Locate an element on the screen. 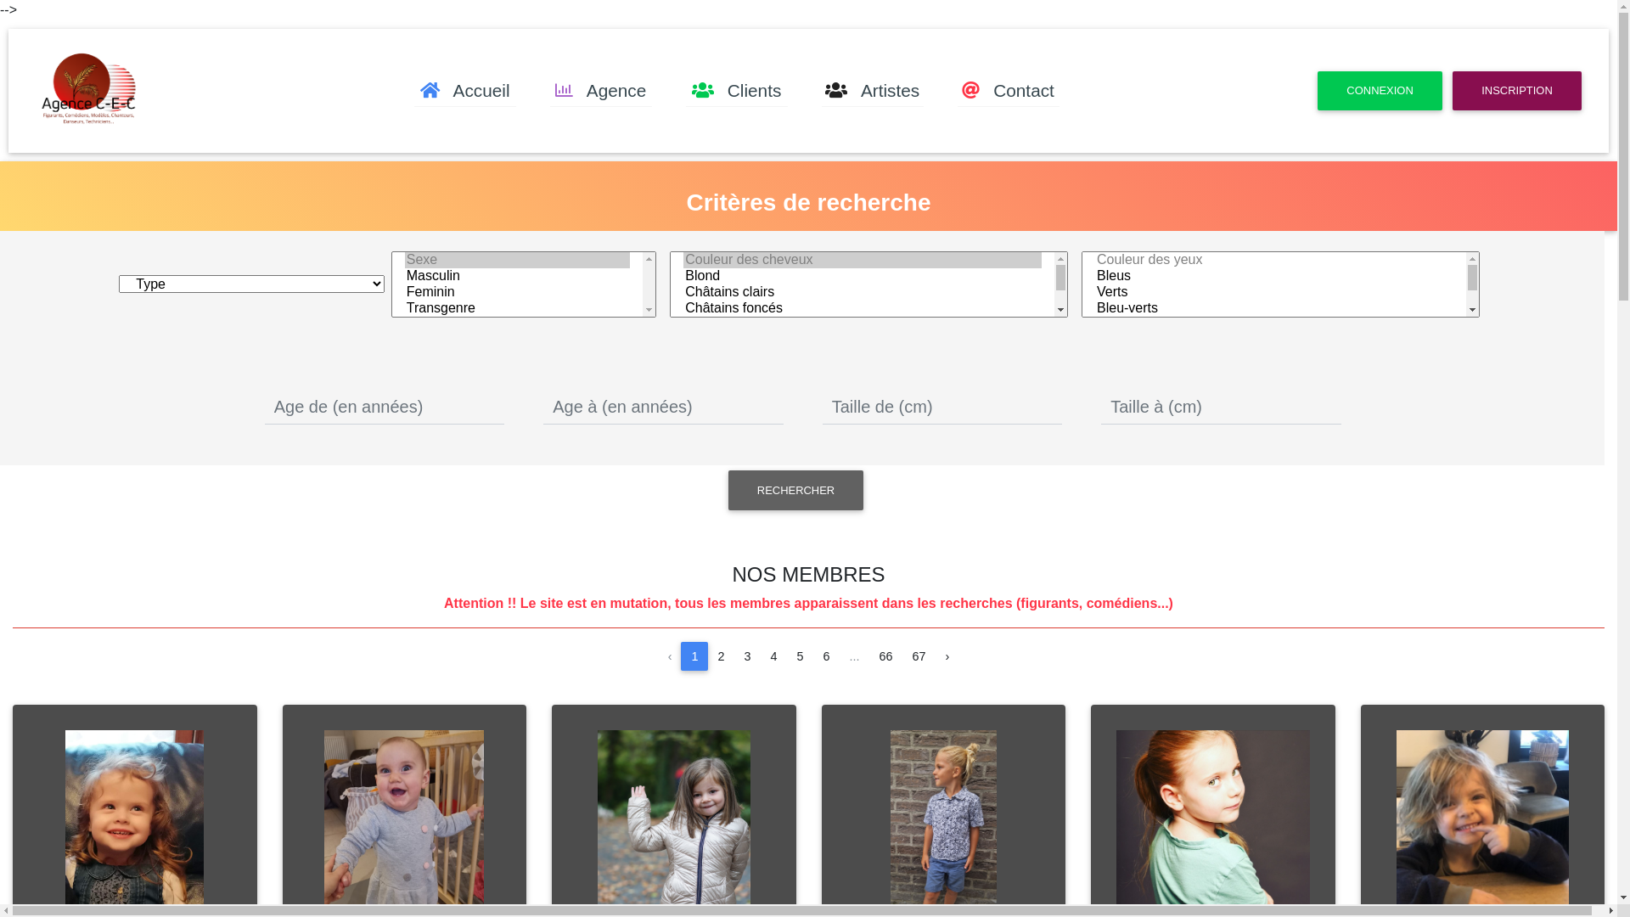 This screenshot has width=1630, height=917. '67' is located at coordinates (919, 655).